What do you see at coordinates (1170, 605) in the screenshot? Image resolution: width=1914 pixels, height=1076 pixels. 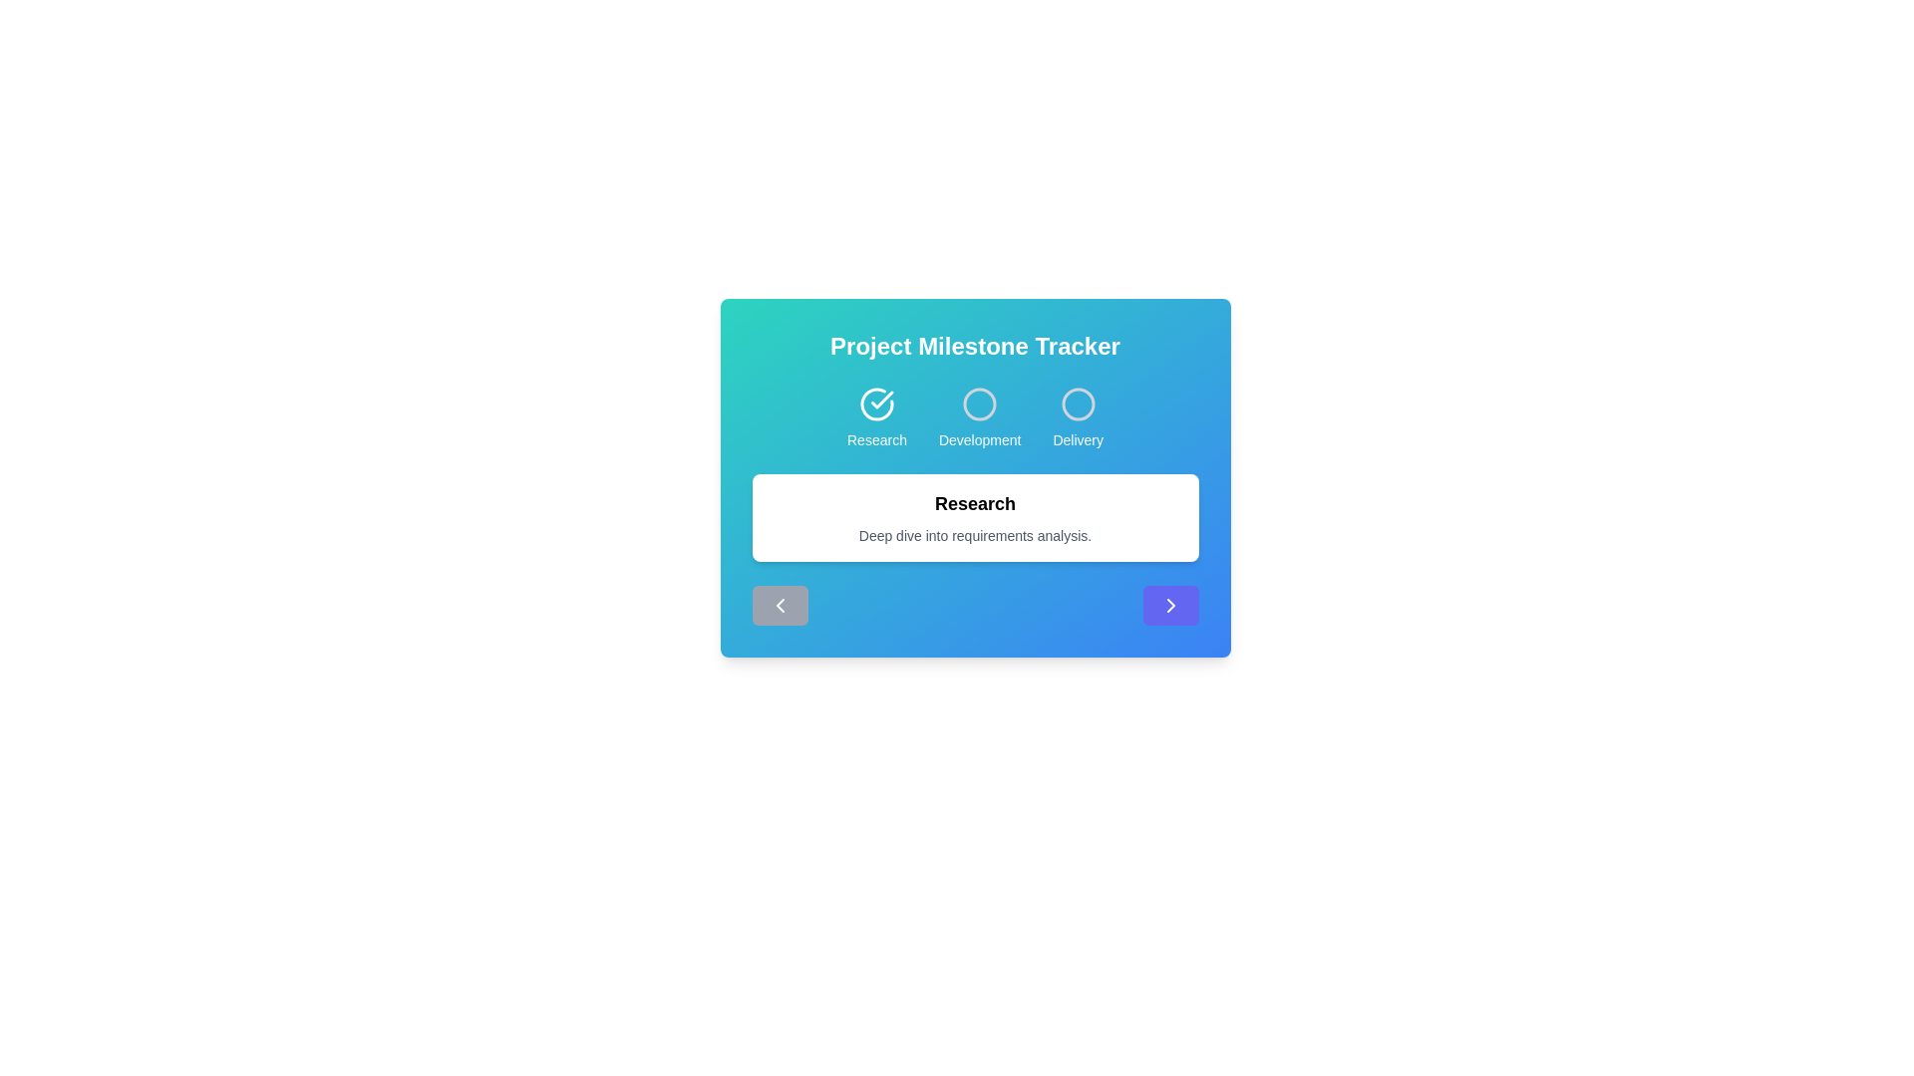 I see `the chevron icon located in the bottom-right corner of the card interface` at bounding box center [1170, 605].